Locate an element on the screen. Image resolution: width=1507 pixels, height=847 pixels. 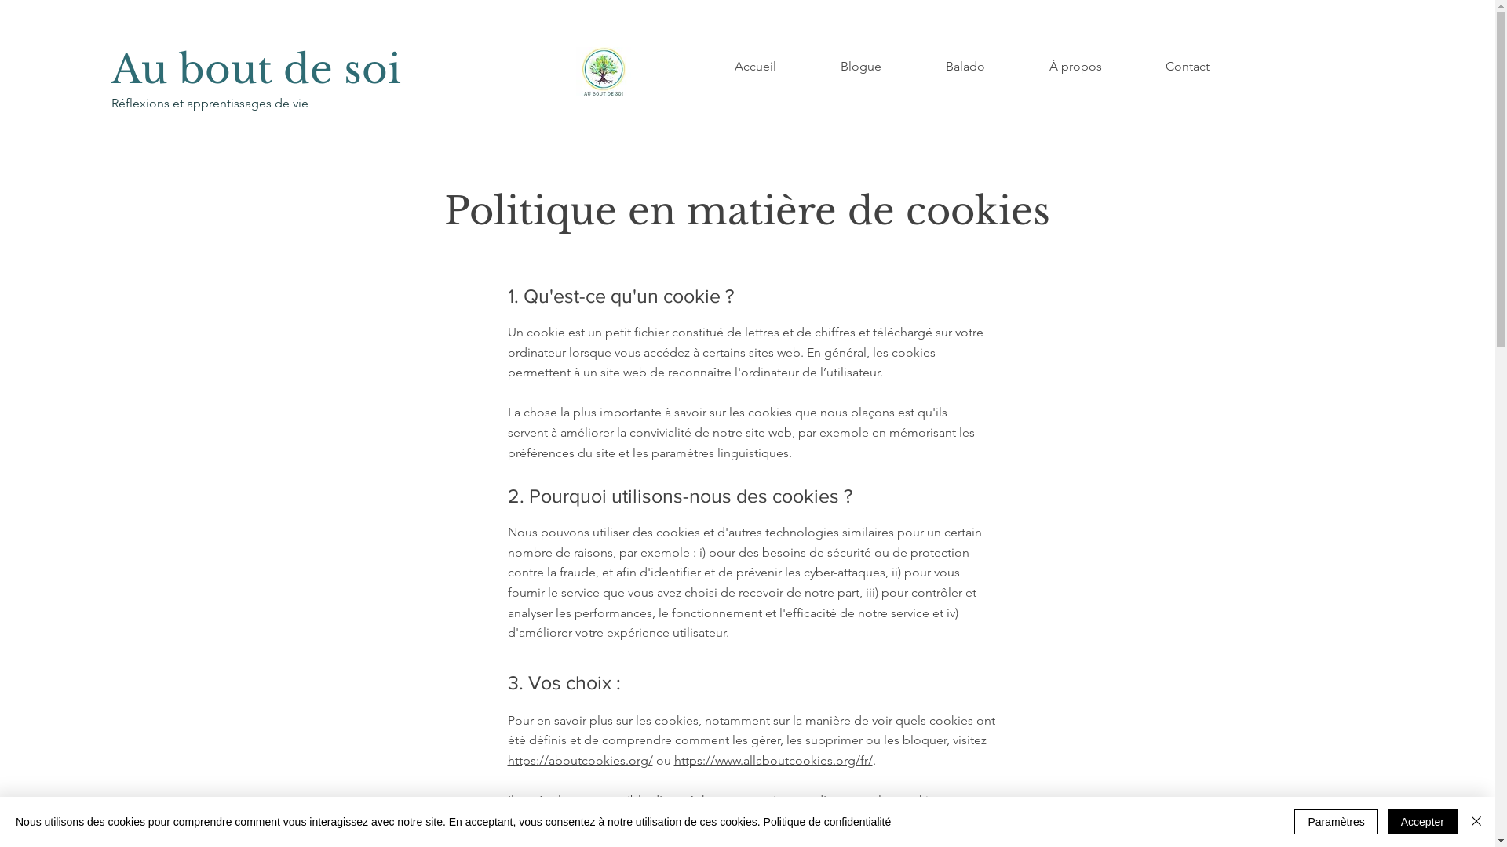
'Logo%20Au%20bout%20de%20soi-slogan-minia' is located at coordinates (602, 71).